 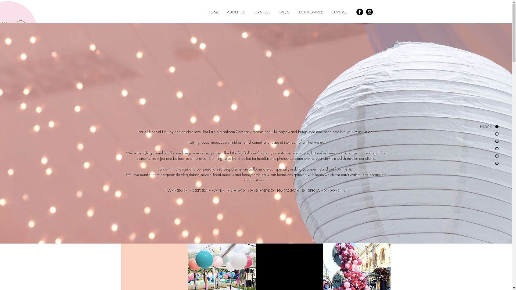 I want to click on 'SERVICES', so click(x=262, y=12).